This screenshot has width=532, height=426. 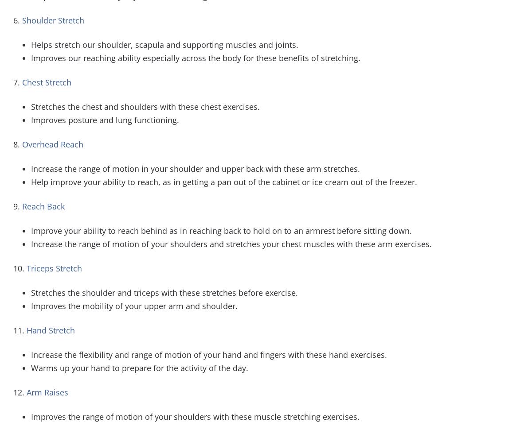 I want to click on 'Shoulder Stretch', so click(x=53, y=19).